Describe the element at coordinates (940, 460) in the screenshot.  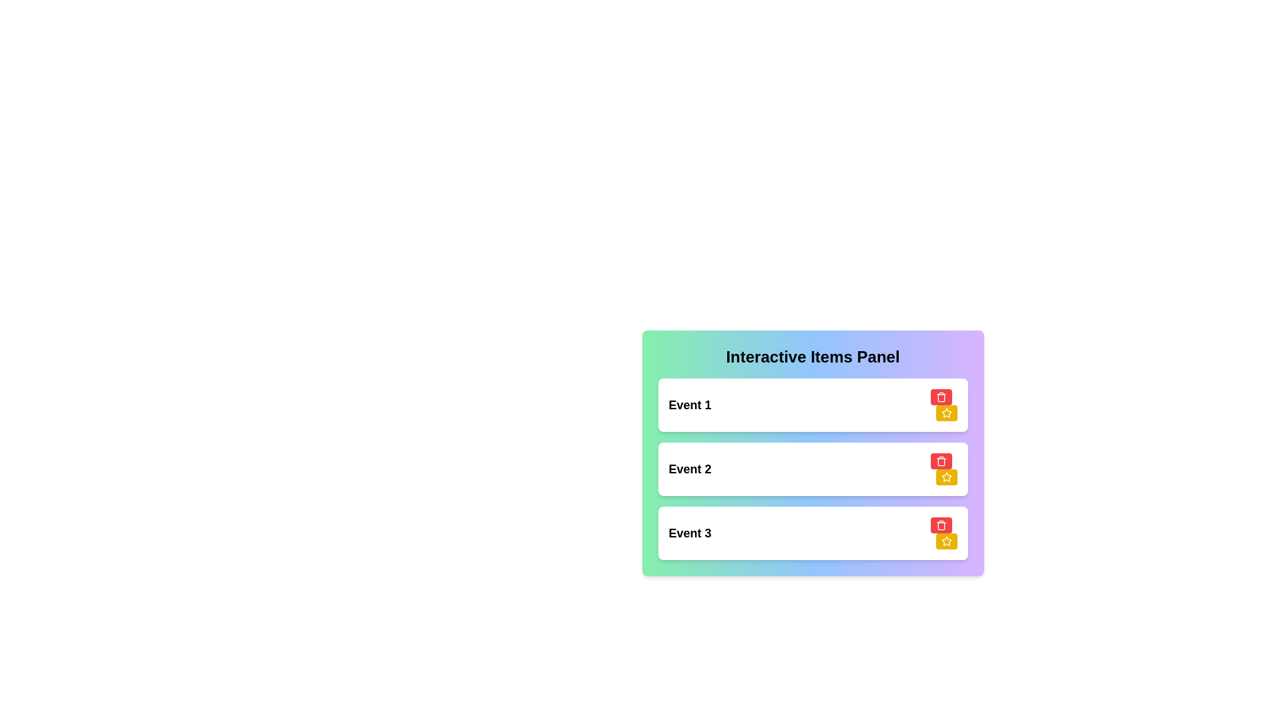
I see `the trash can icon embedded in the button` at that location.